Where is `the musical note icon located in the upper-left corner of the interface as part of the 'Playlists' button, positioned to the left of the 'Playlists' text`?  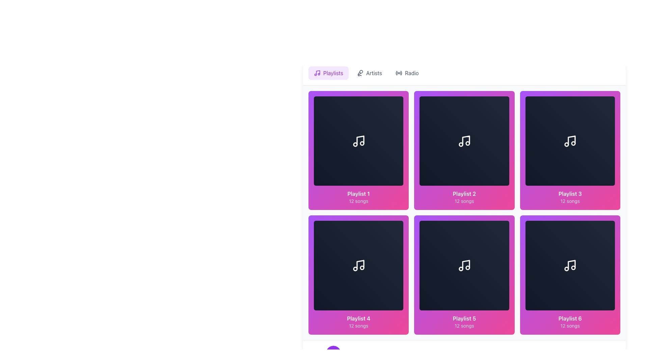
the musical note icon located in the upper-left corner of the interface as part of the 'Playlists' button, positioned to the left of the 'Playlists' text is located at coordinates (317, 73).